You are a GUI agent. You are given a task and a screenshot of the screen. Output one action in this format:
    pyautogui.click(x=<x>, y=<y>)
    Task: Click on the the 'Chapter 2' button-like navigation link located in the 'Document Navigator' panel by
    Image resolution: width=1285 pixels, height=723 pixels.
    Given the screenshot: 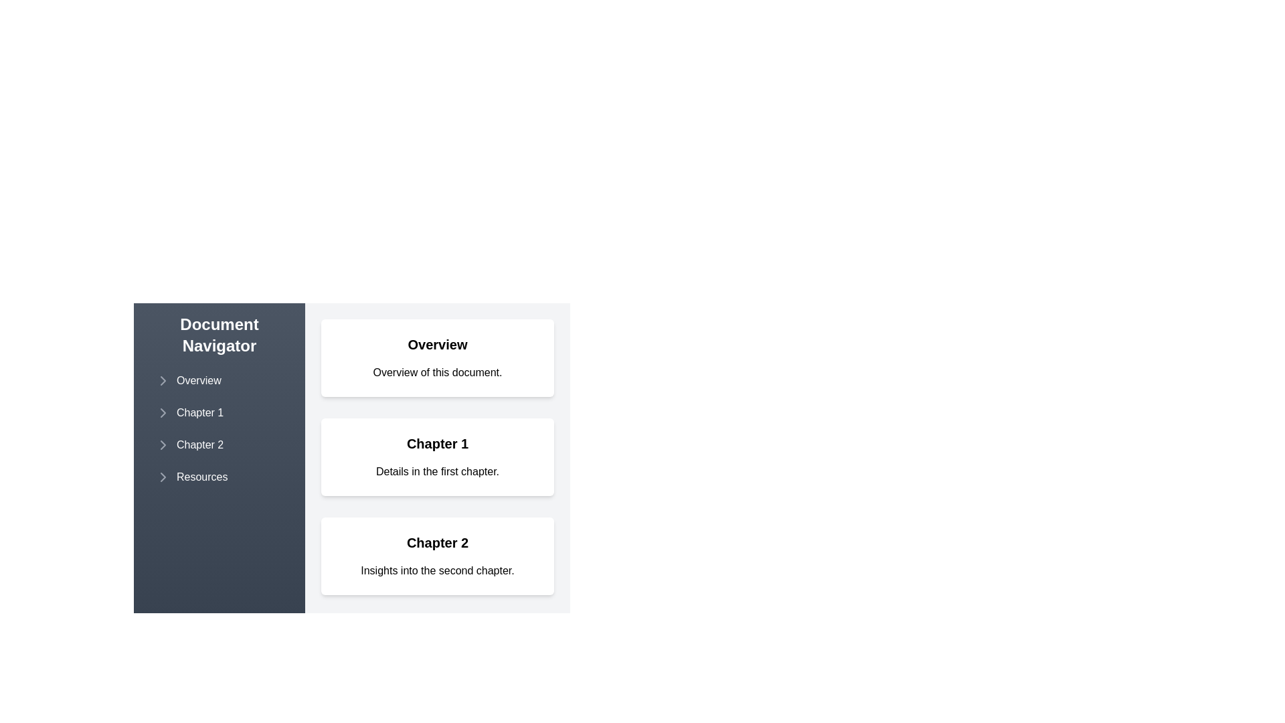 What is the action you would take?
    pyautogui.click(x=219, y=445)
    